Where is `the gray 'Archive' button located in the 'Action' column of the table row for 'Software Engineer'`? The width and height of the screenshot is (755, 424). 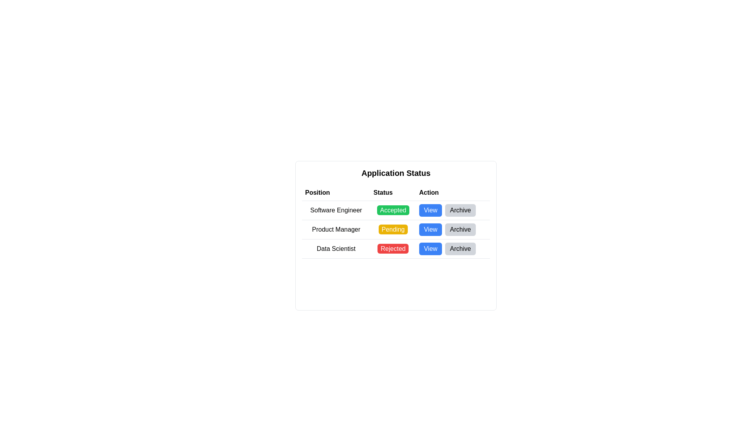
the gray 'Archive' button located in the 'Action' column of the table row for 'Software Engineer' is located at coordinates (460, 210).